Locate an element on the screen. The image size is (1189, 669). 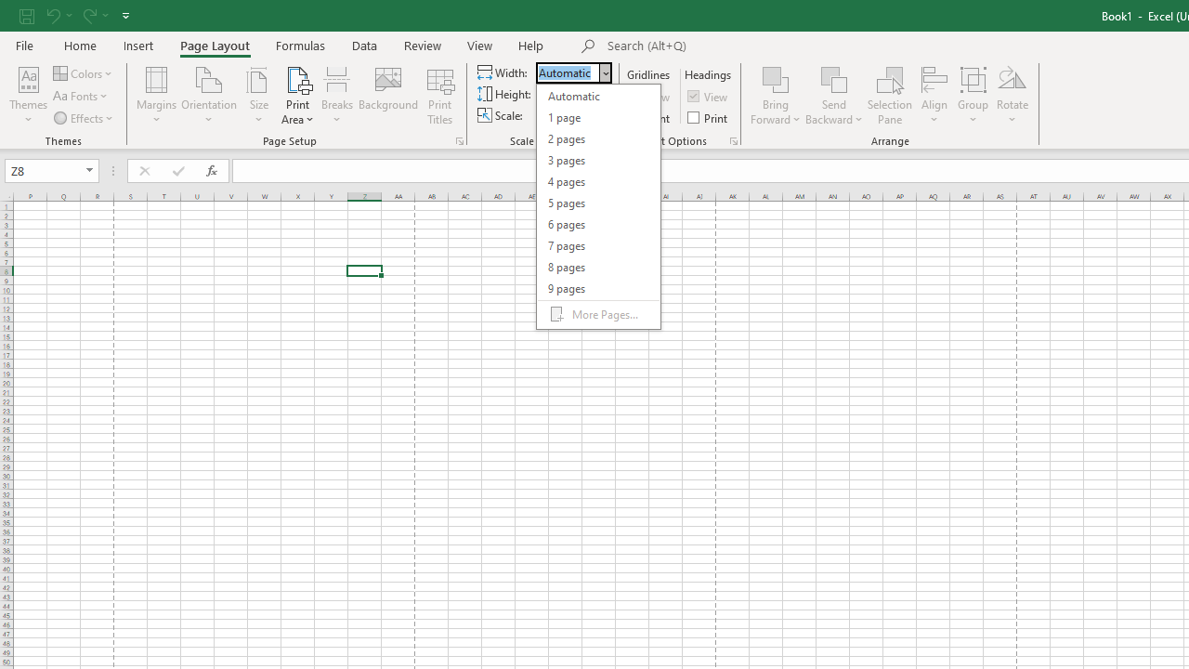
'Print Area' is located at coordinates (297, 96).